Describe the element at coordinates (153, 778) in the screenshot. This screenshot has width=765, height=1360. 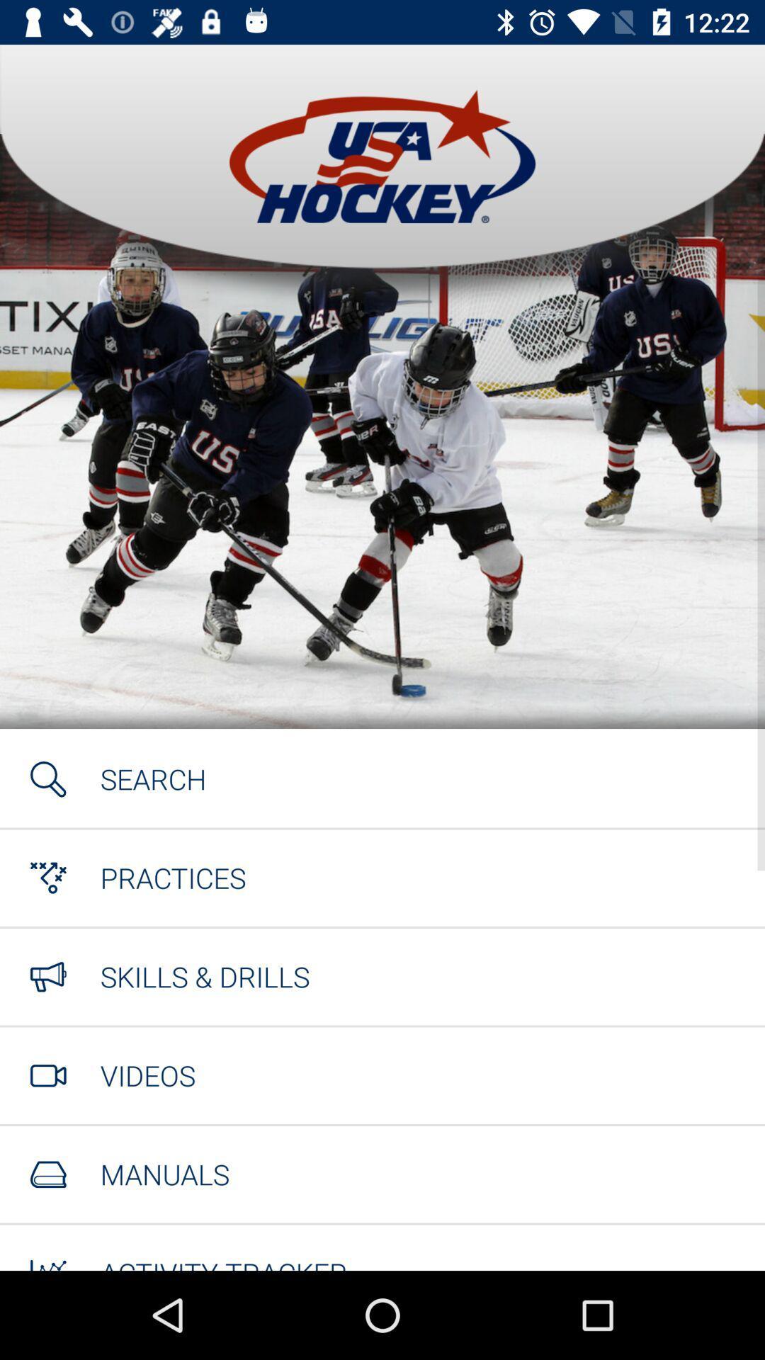
I see `the icon above the practices` at that location.